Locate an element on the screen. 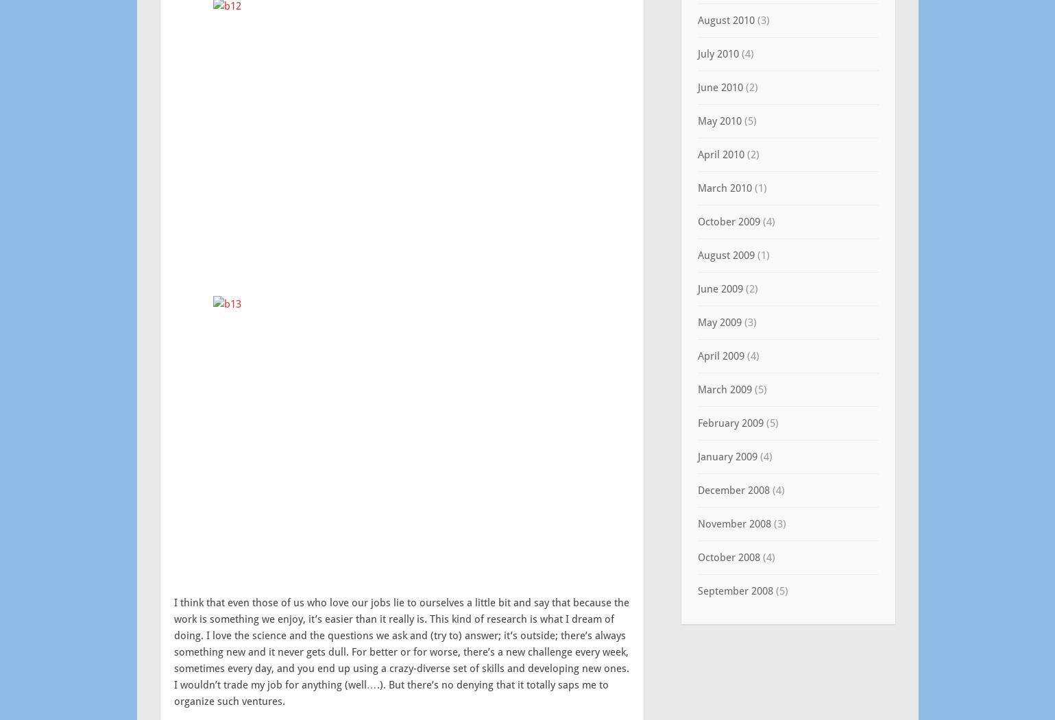 This screenshot has height=720, width=1055. 'December 2008' is located at coordinates (732, 490).